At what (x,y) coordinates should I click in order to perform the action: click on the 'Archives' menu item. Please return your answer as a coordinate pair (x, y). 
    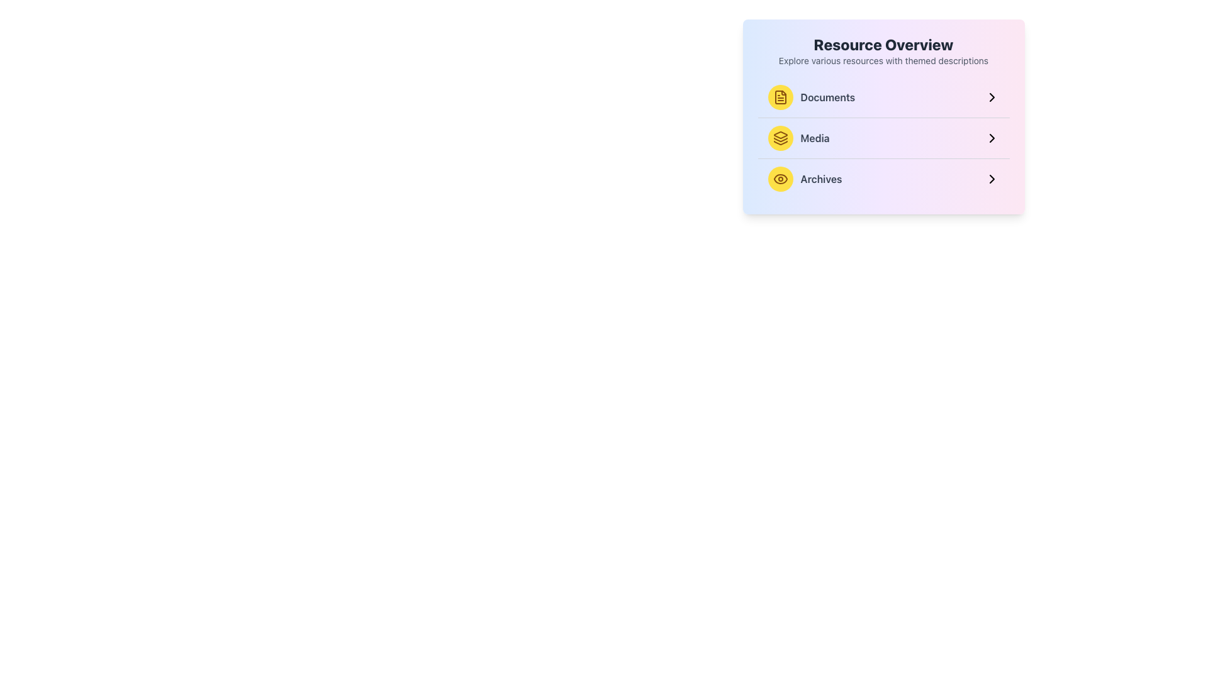
    Looking at the image, I should click on (883, 179).